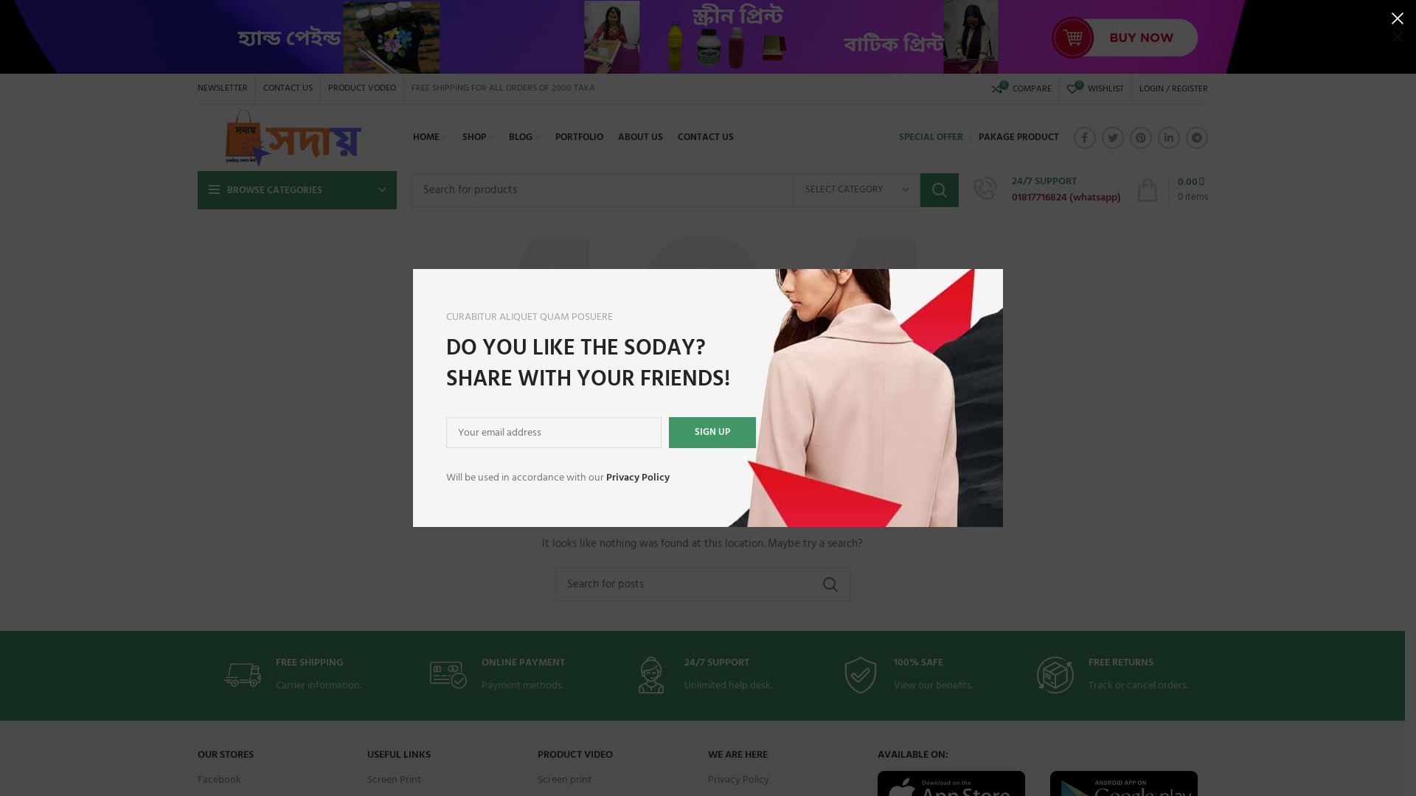 Image resolution: width=1416 pixels, height=796 pixels. I want to click on 'Privacy Policy', so click(605, 478).